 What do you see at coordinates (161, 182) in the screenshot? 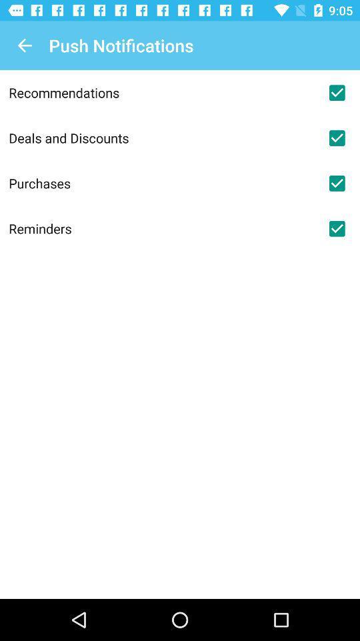
I see `icon above the reminders` at bounding box center [161, 182].